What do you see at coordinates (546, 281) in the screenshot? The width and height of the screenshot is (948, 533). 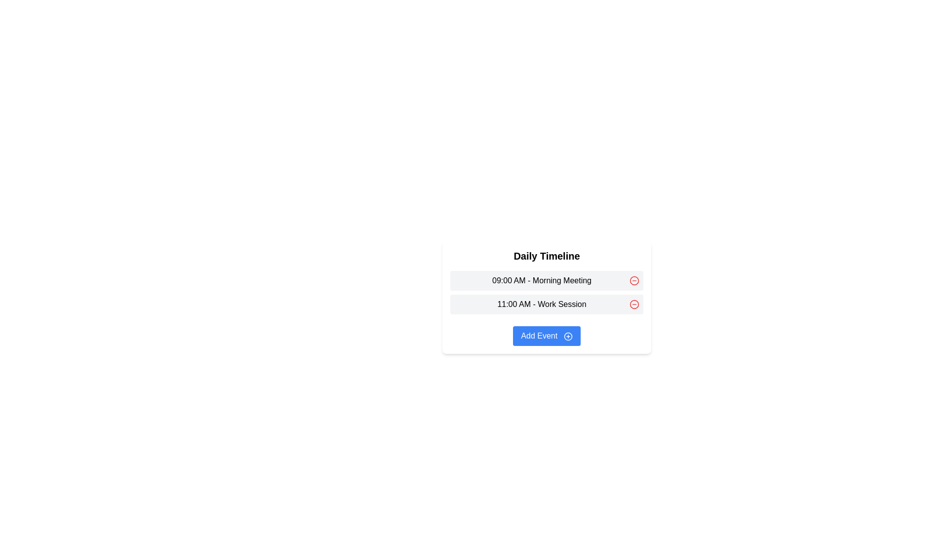 I see `the first scheduled event in the Daily Timeline, which displays the time and name of the event` at bounding box center [546, 281].